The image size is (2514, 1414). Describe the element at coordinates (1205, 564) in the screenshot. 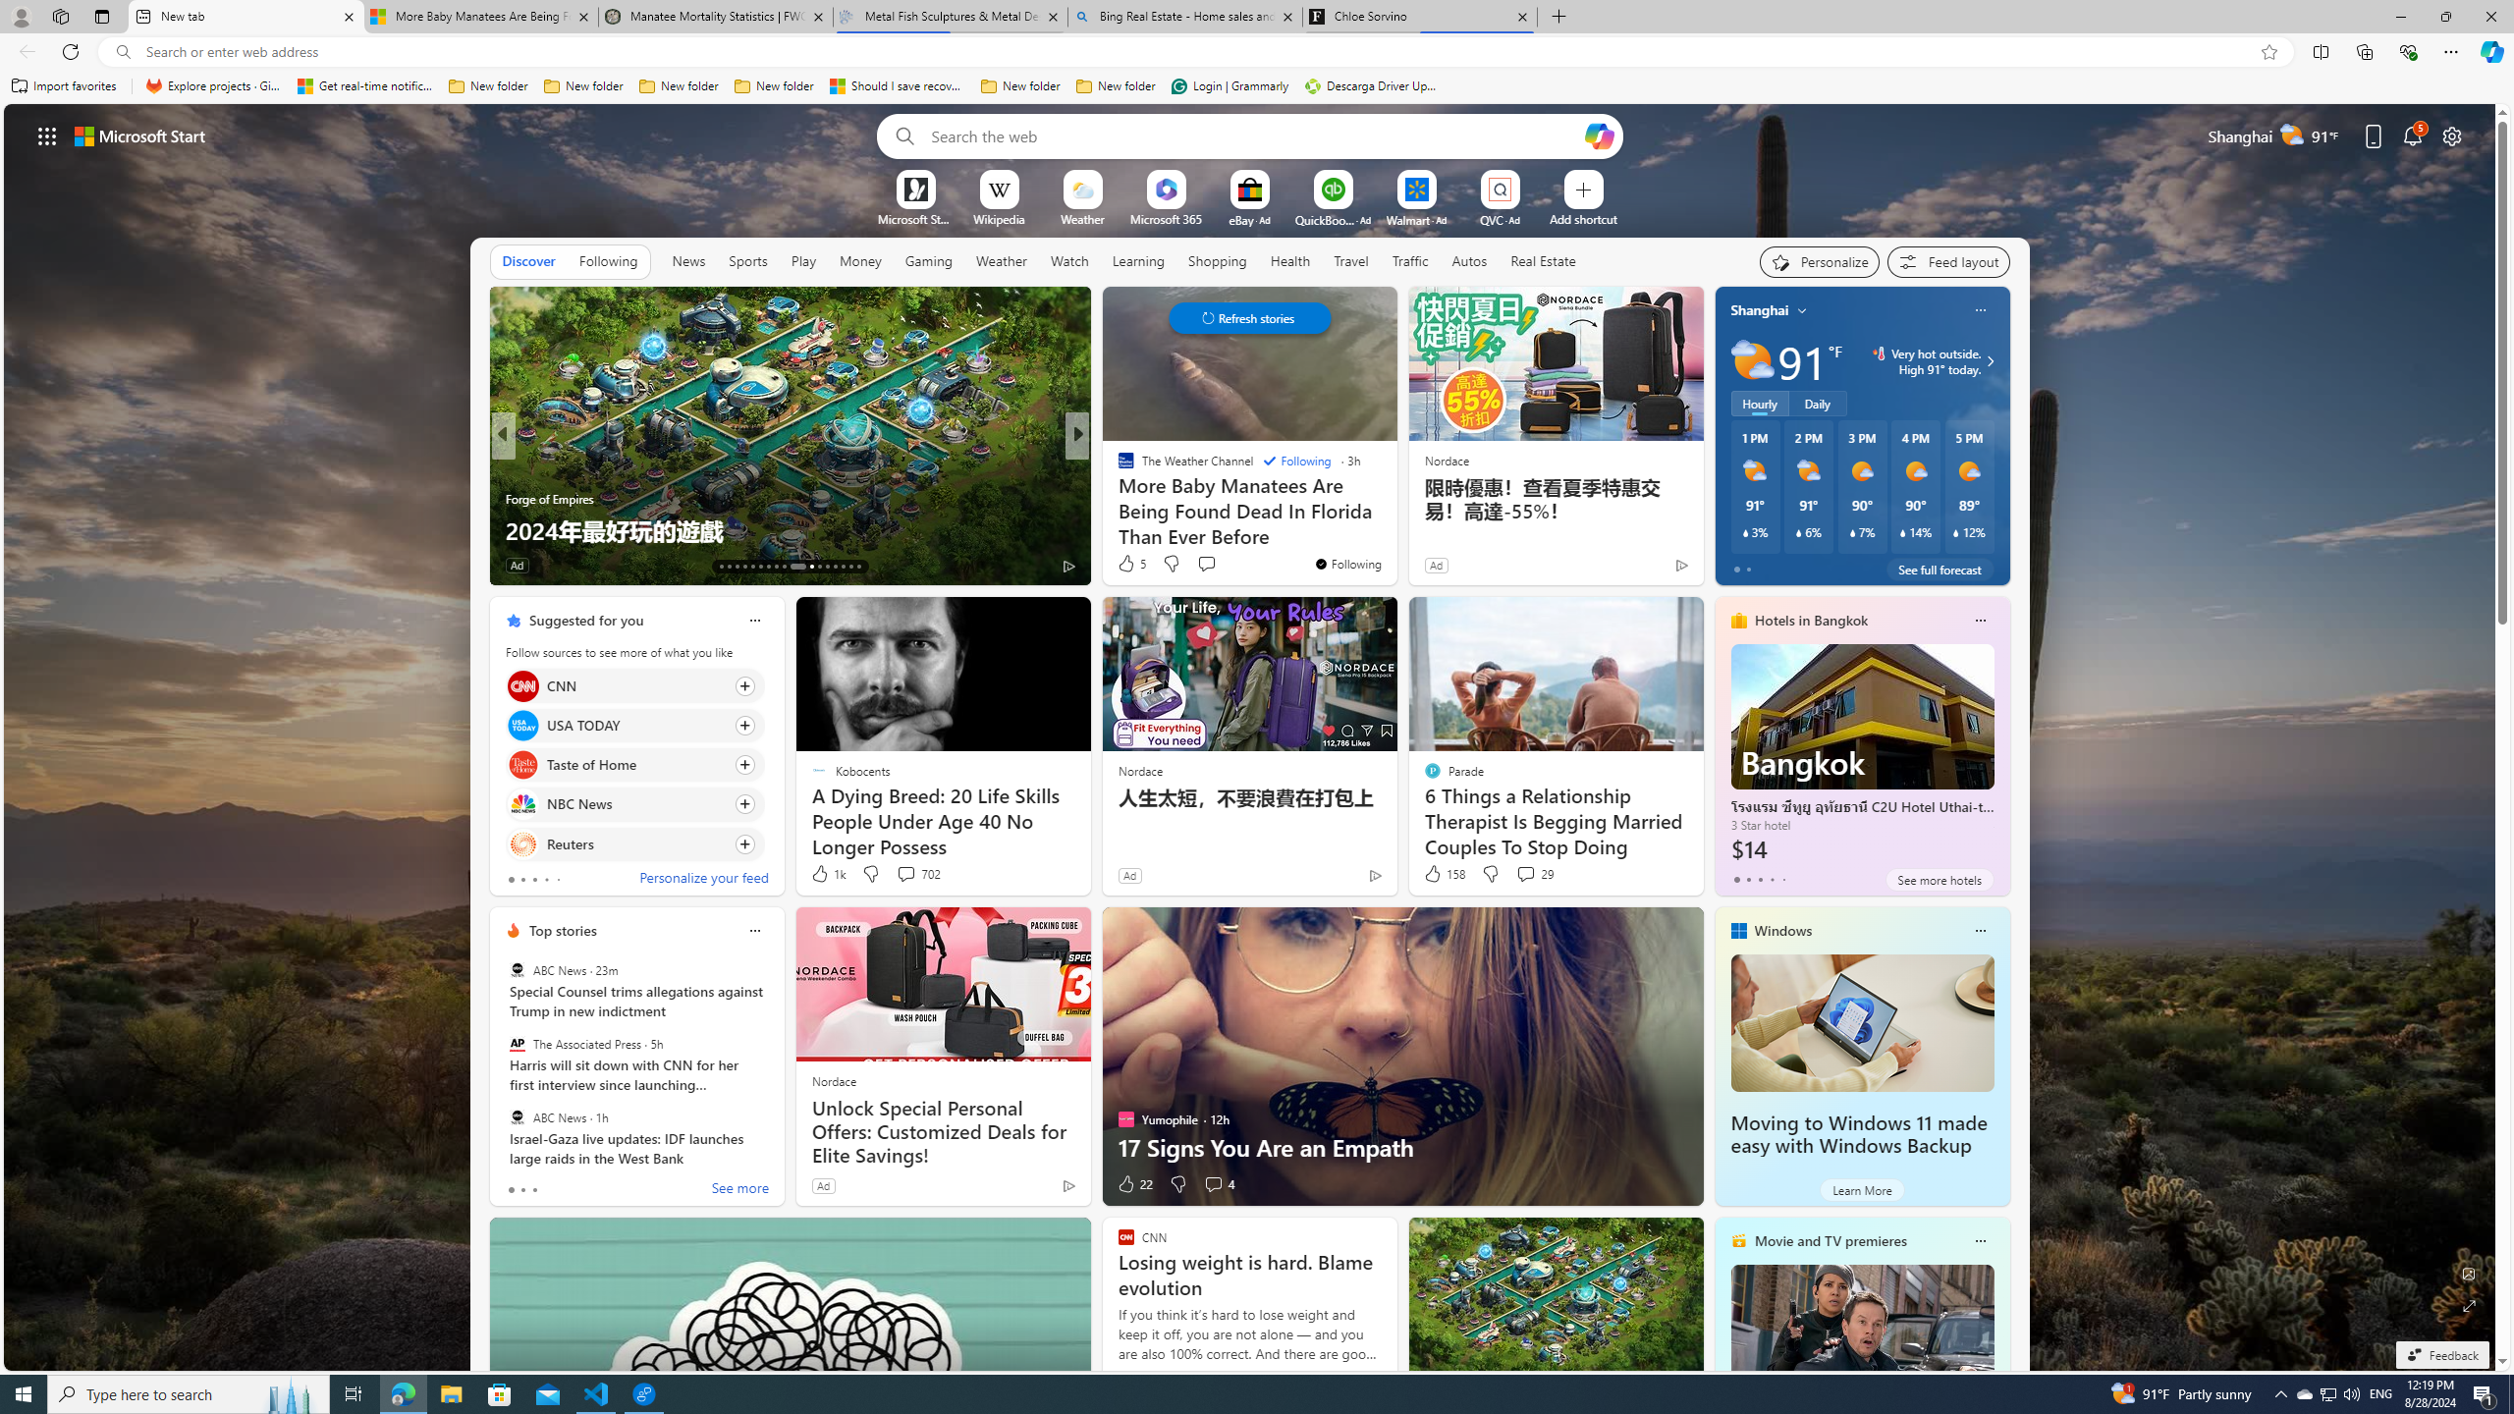

I see `'View comments 1 Comment'` at that location.